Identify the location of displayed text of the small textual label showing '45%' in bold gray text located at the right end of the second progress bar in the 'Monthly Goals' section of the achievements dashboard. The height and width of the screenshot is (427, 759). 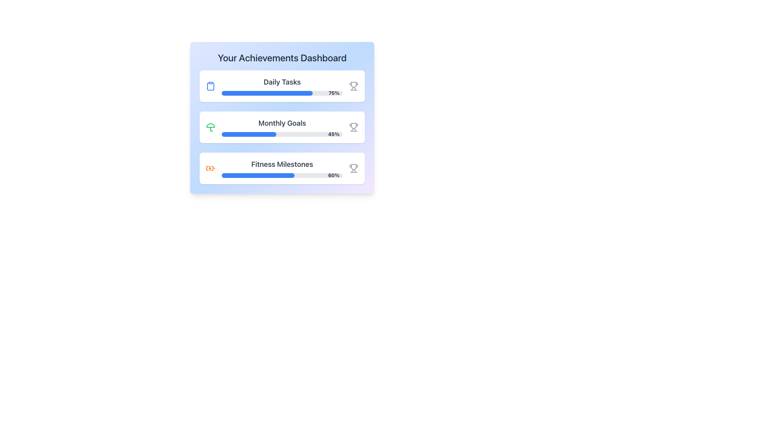
(335, 134).